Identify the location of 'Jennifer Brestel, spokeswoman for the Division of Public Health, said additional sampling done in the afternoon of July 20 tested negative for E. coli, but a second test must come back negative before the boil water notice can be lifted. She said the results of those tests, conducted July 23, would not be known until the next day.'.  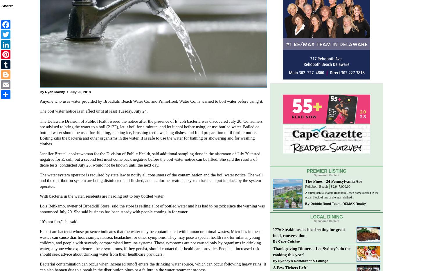
(150, 159).